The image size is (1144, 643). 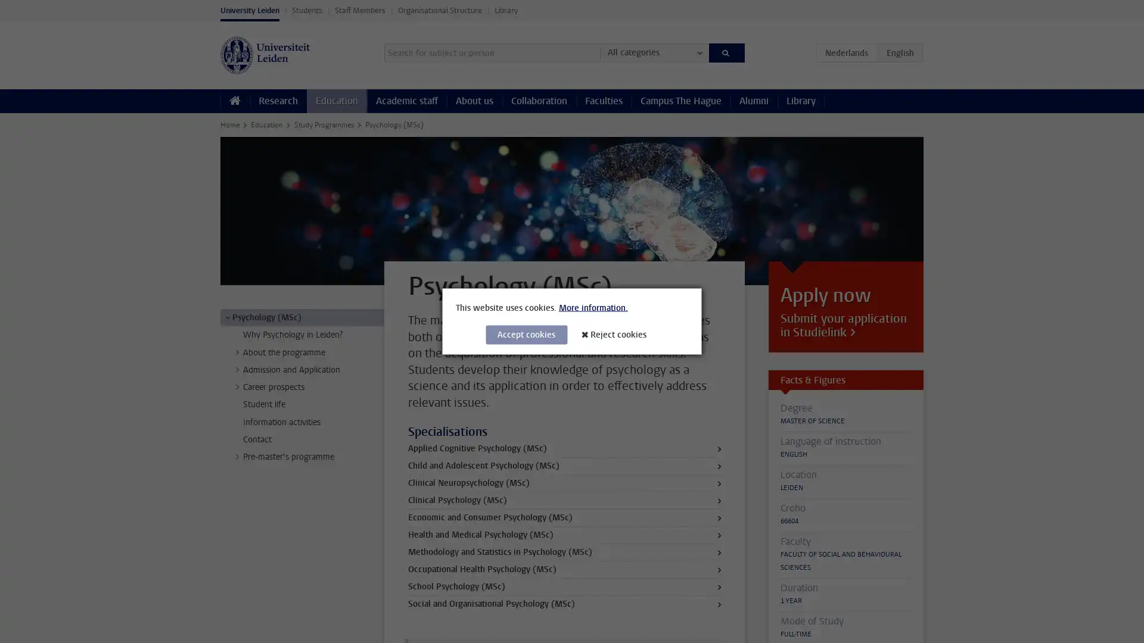 I want to click on >, so click(x=237, y=456).